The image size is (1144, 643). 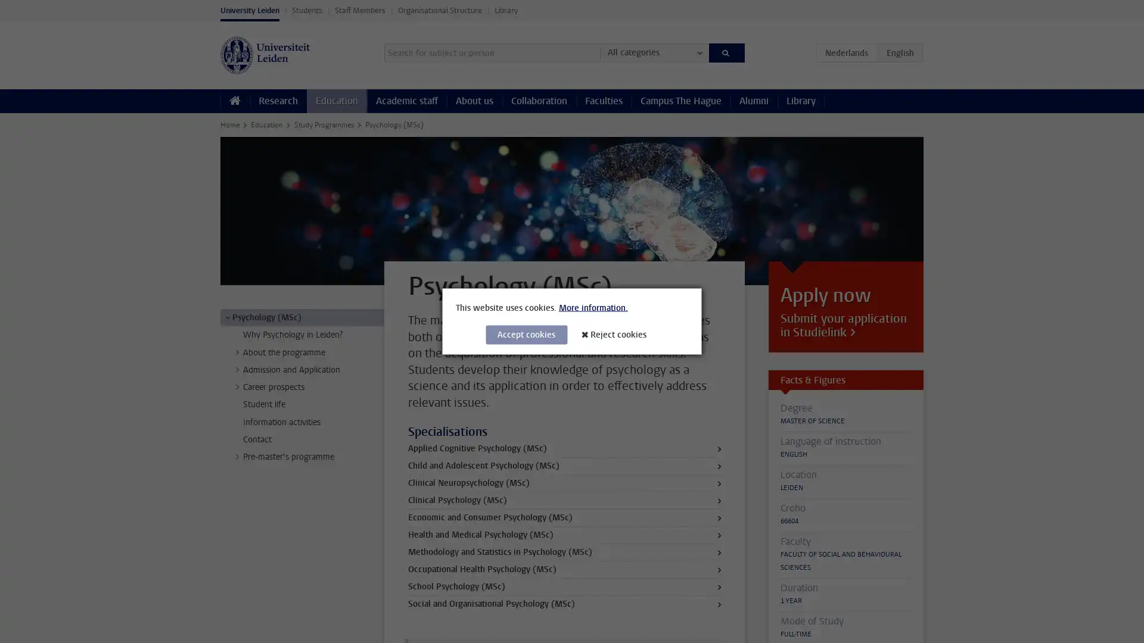 I want to click on >, so click(x=237, y=456).